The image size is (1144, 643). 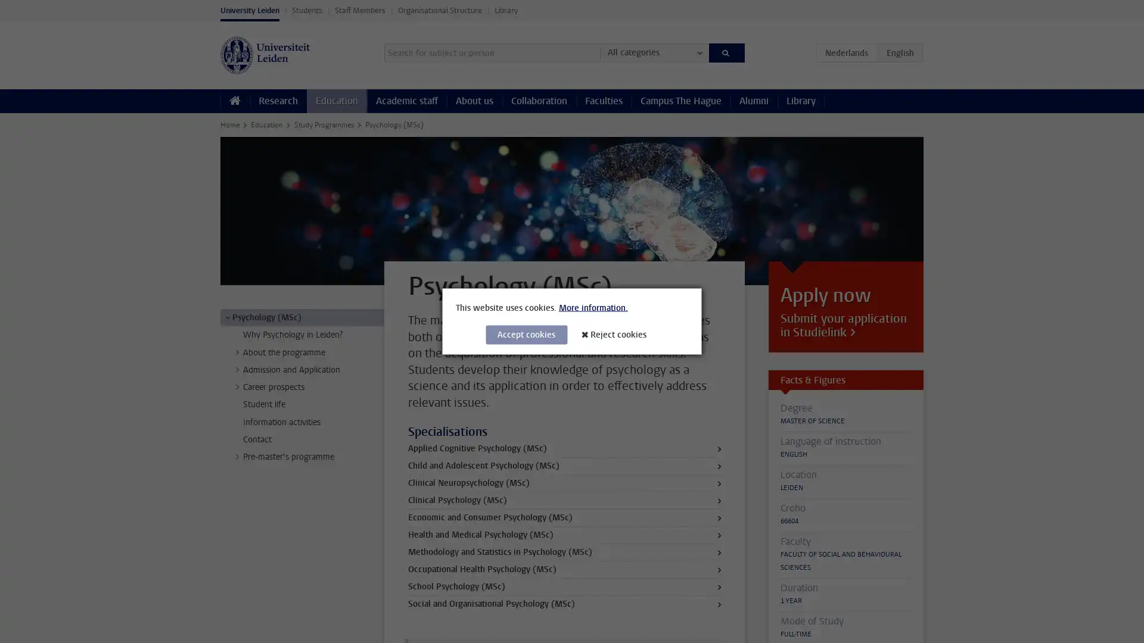 I want to click on >, so click(x=237, y=456).